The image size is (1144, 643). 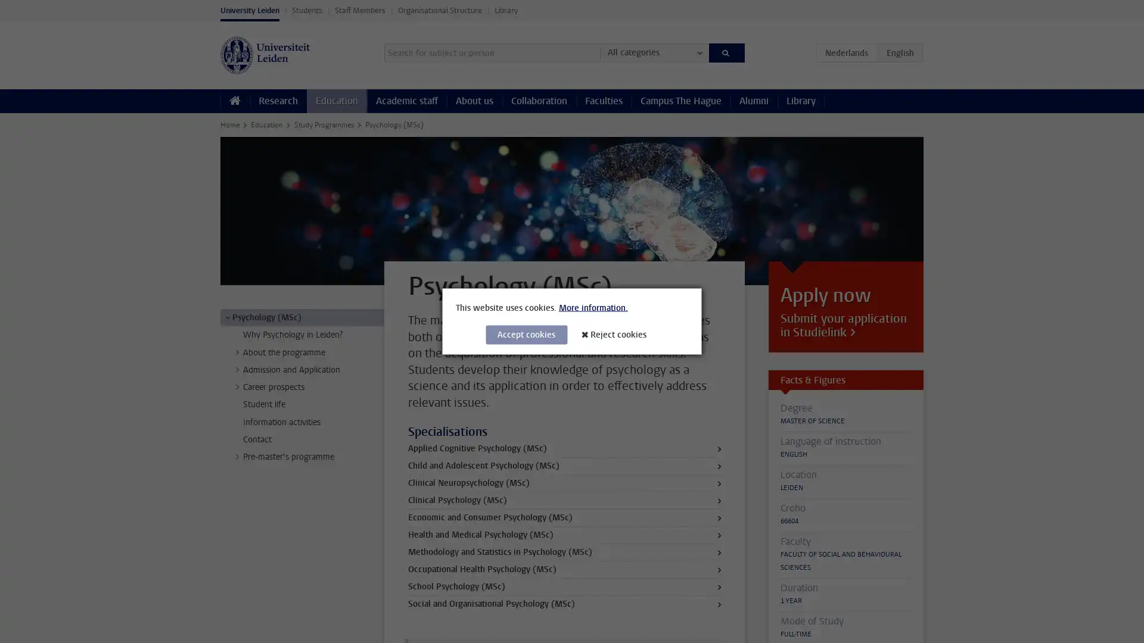 I want to click on >, so click(x=237, y=456).